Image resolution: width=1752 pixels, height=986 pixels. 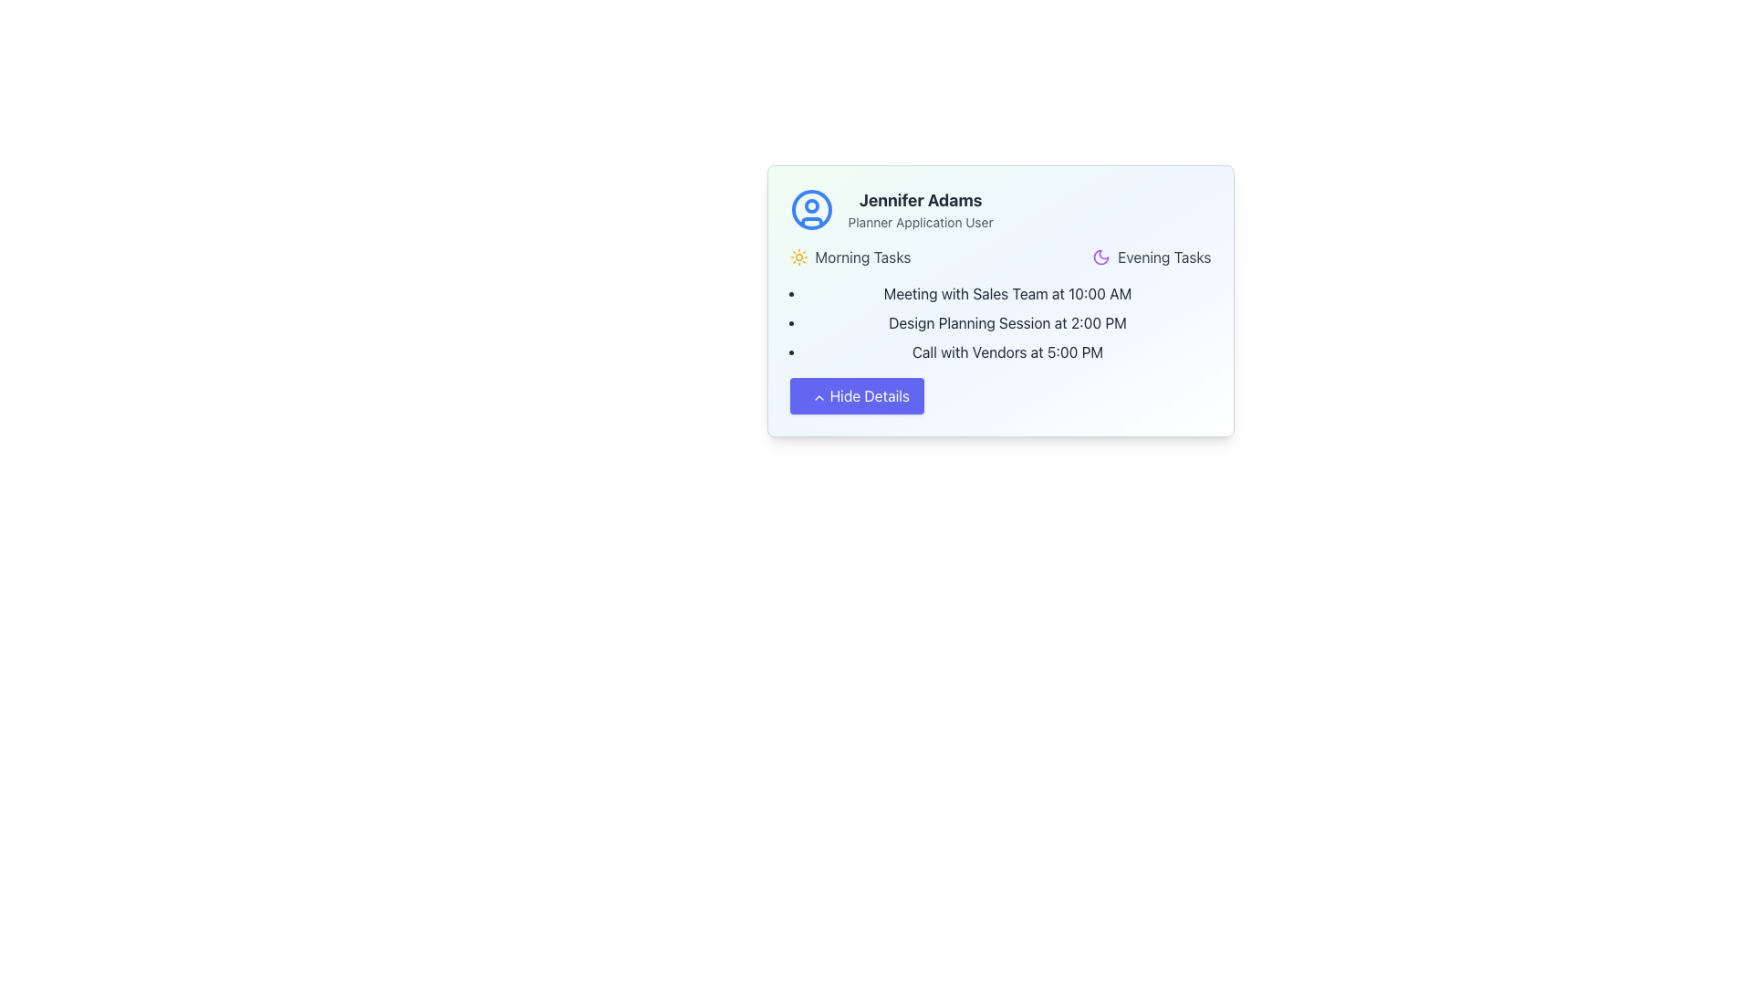 I want to click on the 'Morning Tasks' label located at the top-left of the card-like interface for navigation or selection, so click(x=849, y=257).